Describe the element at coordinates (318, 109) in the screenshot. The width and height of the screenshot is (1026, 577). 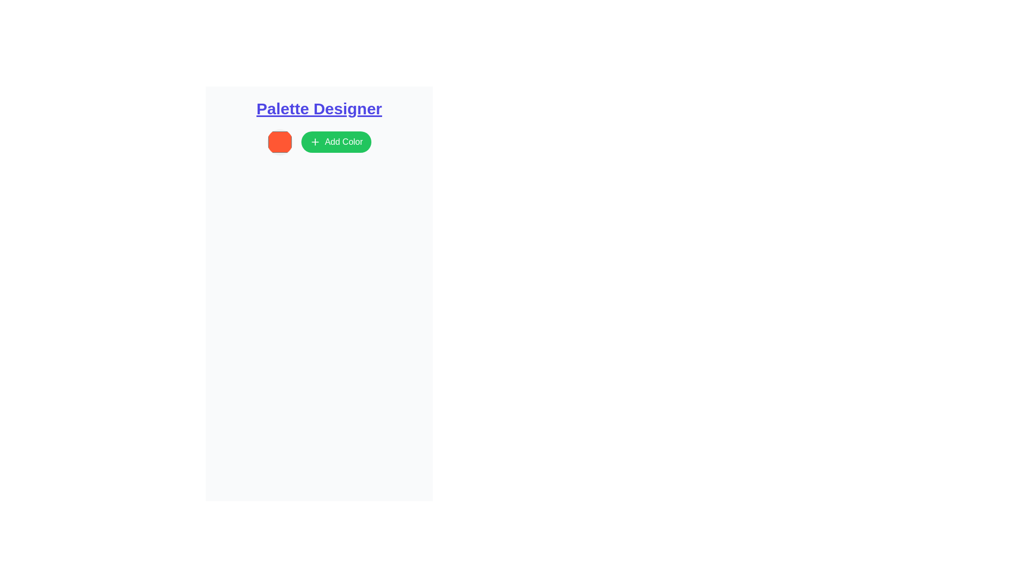
I see `the bold, large-sized header text 'Palette Designer' styled with an underline and displayed in indigo color, located at the top of the light gray interface` at that location.